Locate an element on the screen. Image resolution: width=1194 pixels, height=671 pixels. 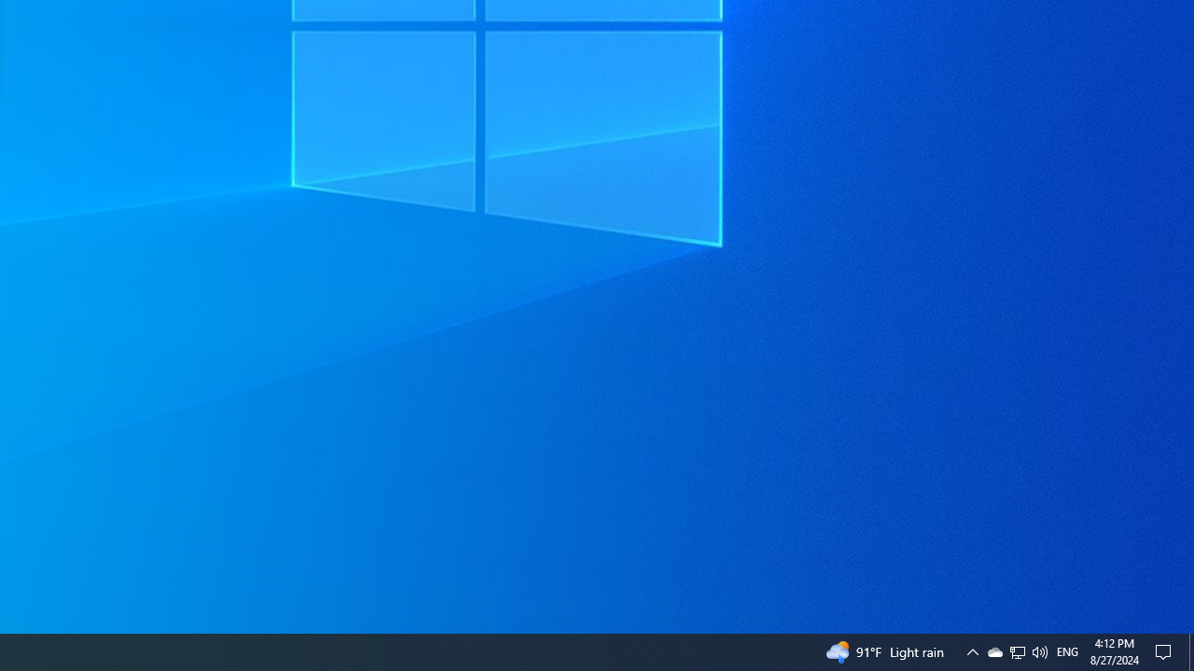
'Tray Input Indicator - English (United States)' is located at coordinates (1067, 650).